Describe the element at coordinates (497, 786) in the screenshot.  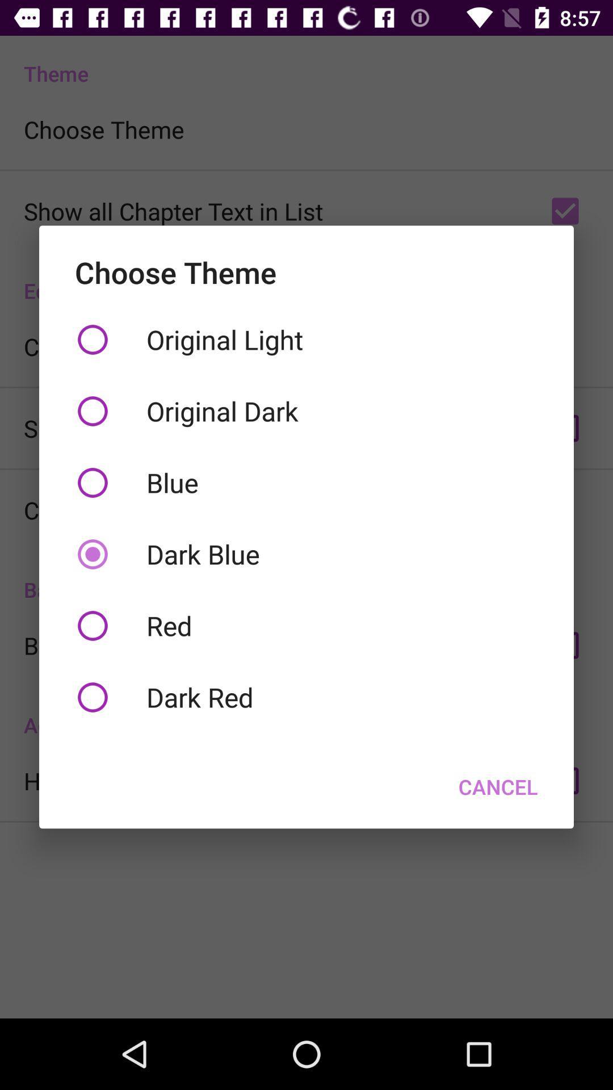
I see `the cancel icon` at that location.